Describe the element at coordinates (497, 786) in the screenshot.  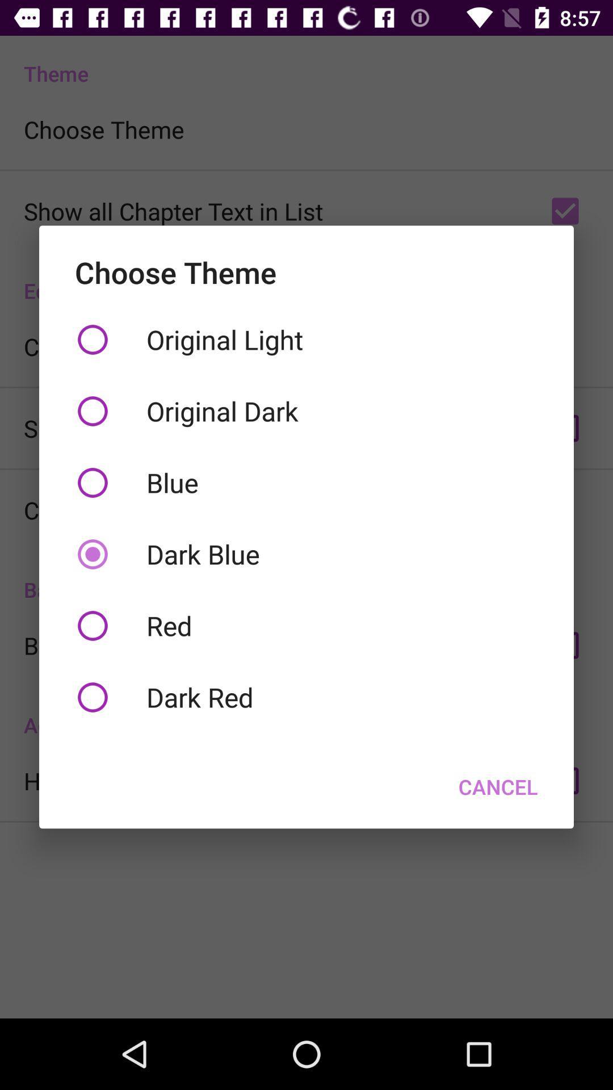
I see `the cancel icon` at that location.